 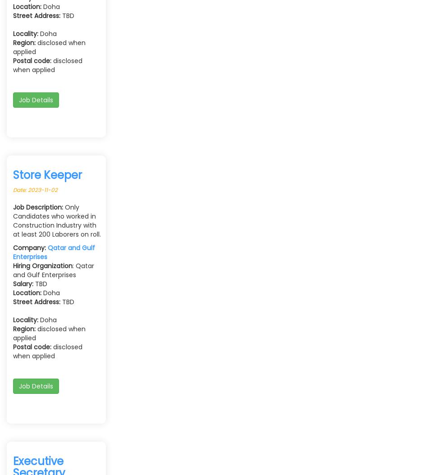 What do you see at coordinates (13, 247) in the screenshot?
I see `'Company:'` at bounding box center [13, 247].